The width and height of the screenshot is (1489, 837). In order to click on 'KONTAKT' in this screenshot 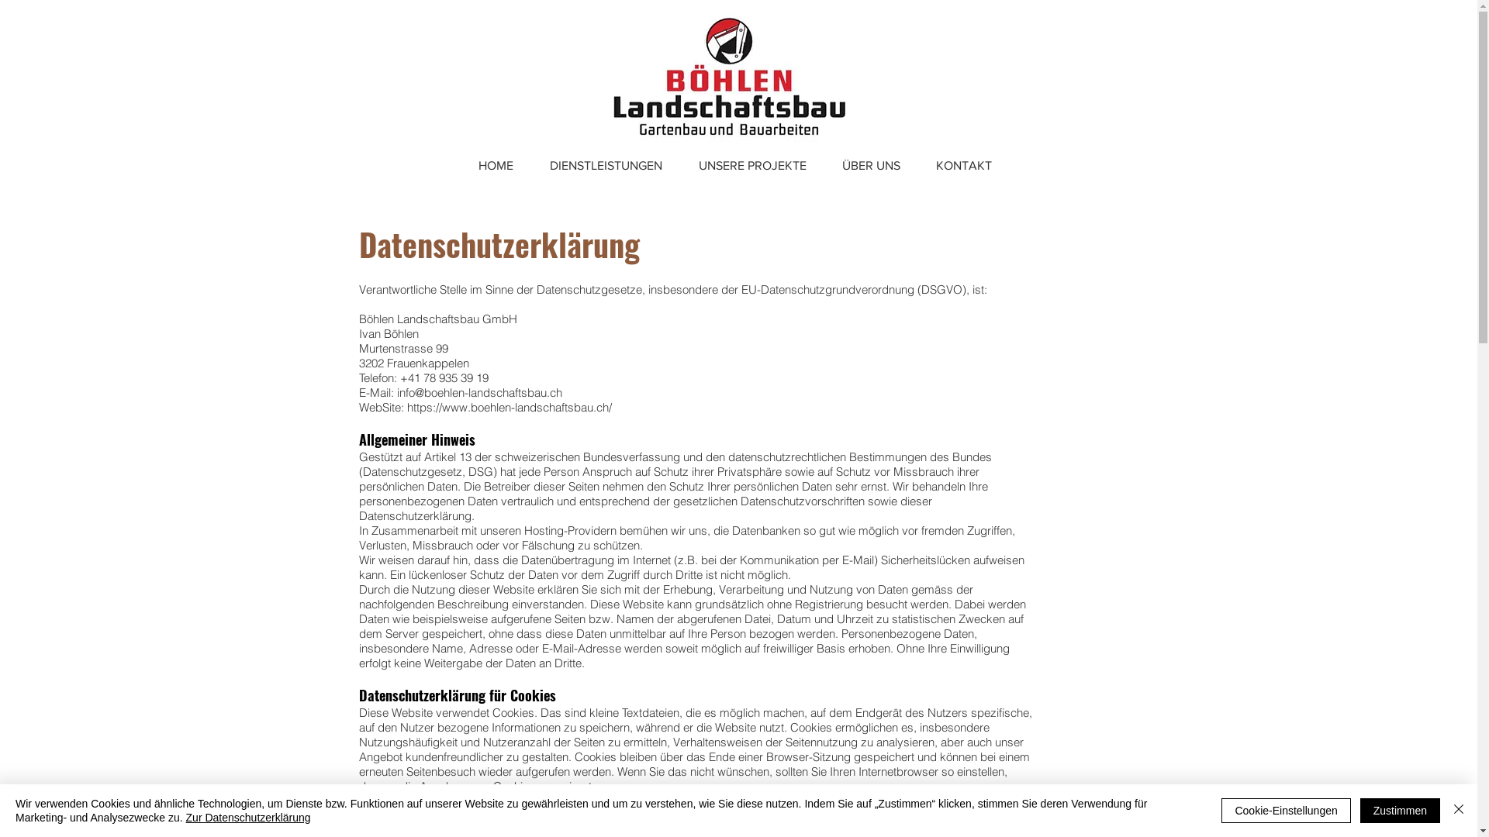, I will do `click(963, 165)`.